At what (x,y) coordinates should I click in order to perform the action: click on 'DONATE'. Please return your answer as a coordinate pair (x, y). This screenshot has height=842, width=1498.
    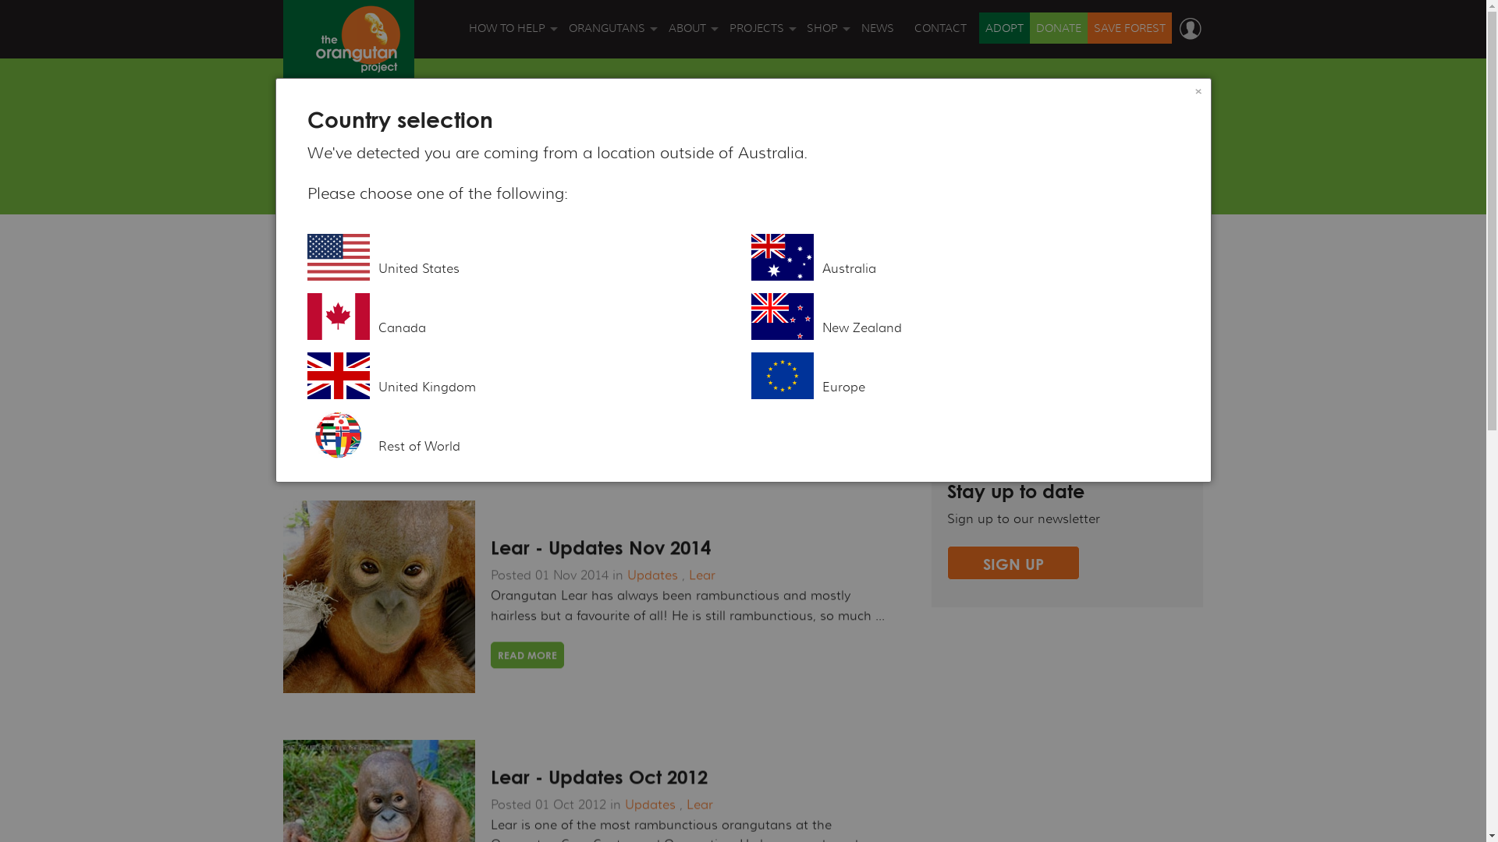
    Looking at the image, I should click on (1059, 27).